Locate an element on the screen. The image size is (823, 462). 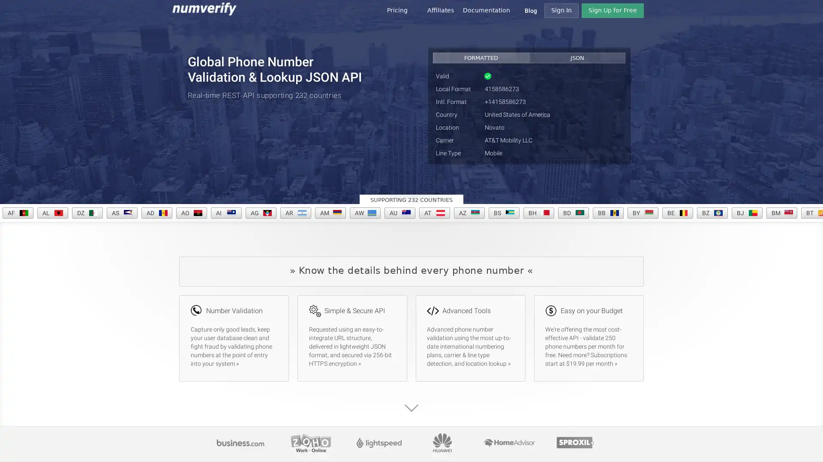
JSON is located at coordinates (577, 58).